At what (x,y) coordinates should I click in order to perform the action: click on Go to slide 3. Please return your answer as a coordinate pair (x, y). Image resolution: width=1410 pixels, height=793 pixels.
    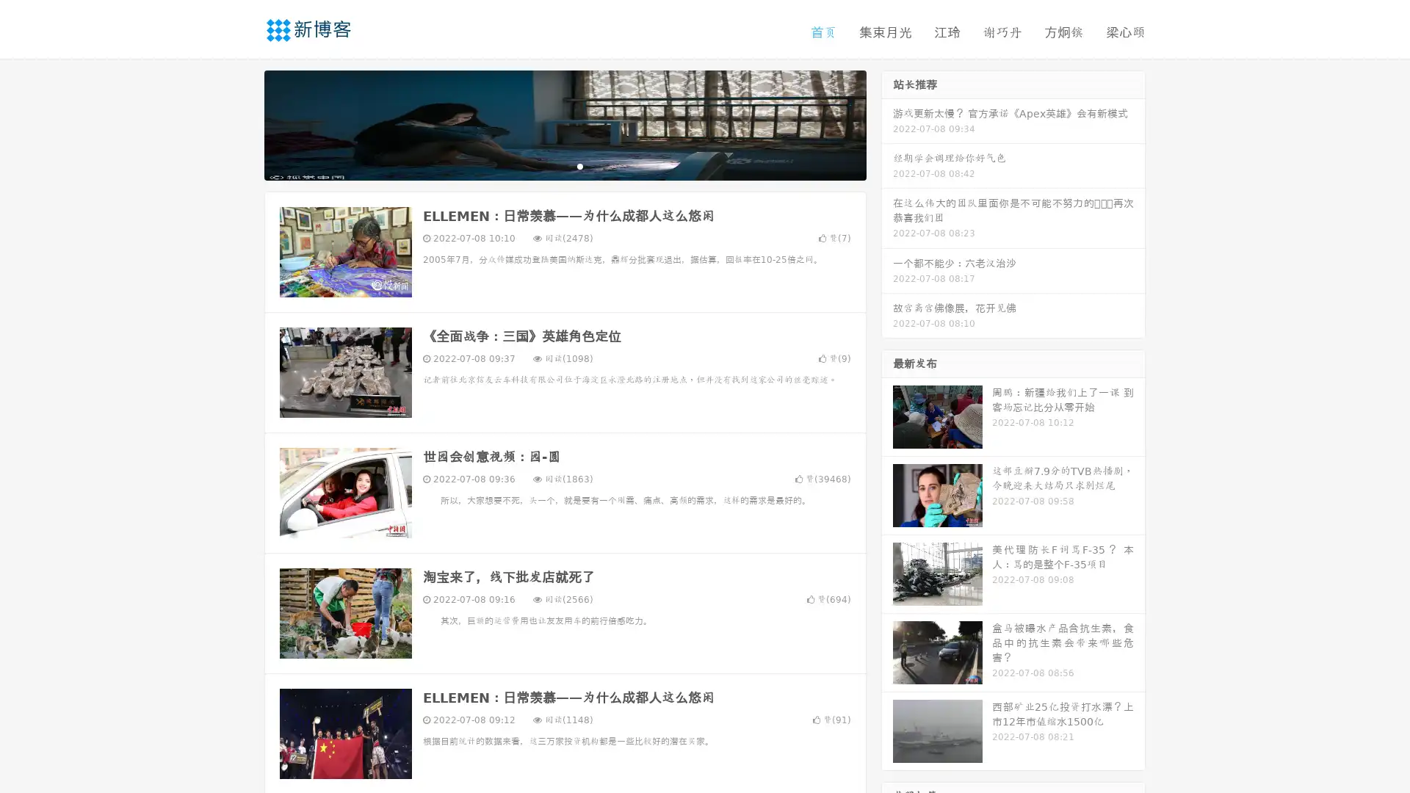
    Looking at the image, I should click on (579, 165).